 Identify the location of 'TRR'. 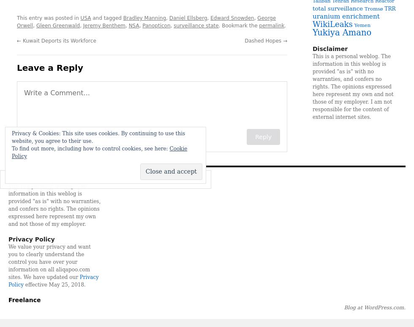
(389, 9).